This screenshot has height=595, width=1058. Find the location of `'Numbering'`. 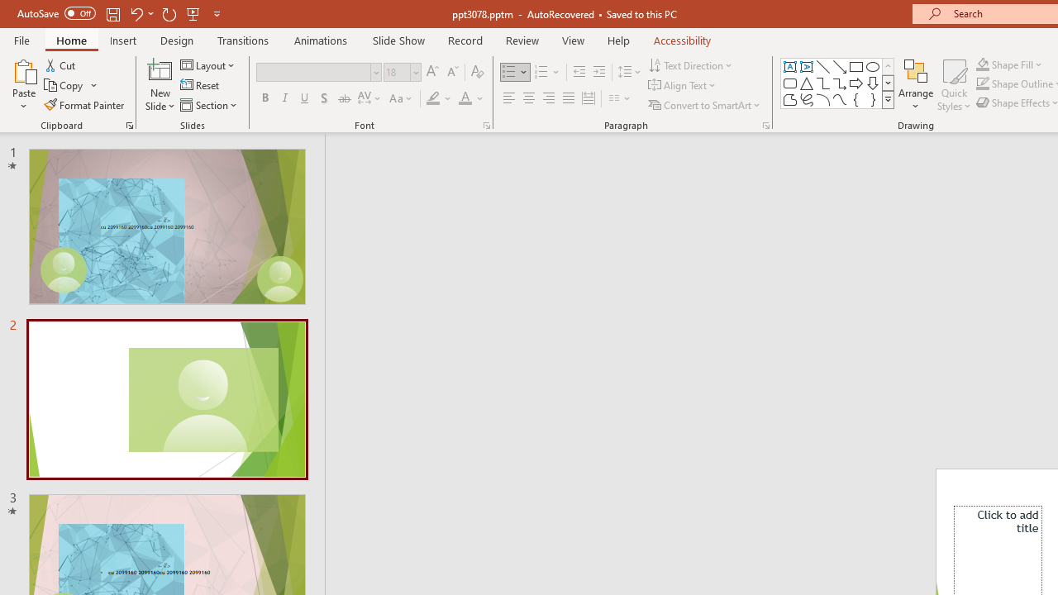

'Numbering' is located at coordinates (547, 71).